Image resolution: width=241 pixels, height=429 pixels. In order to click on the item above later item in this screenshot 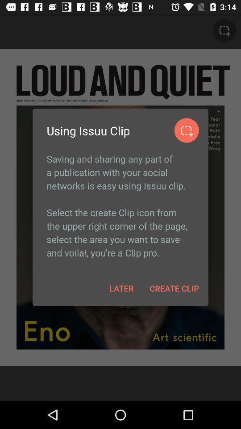, I will do `click(120, 206)`.